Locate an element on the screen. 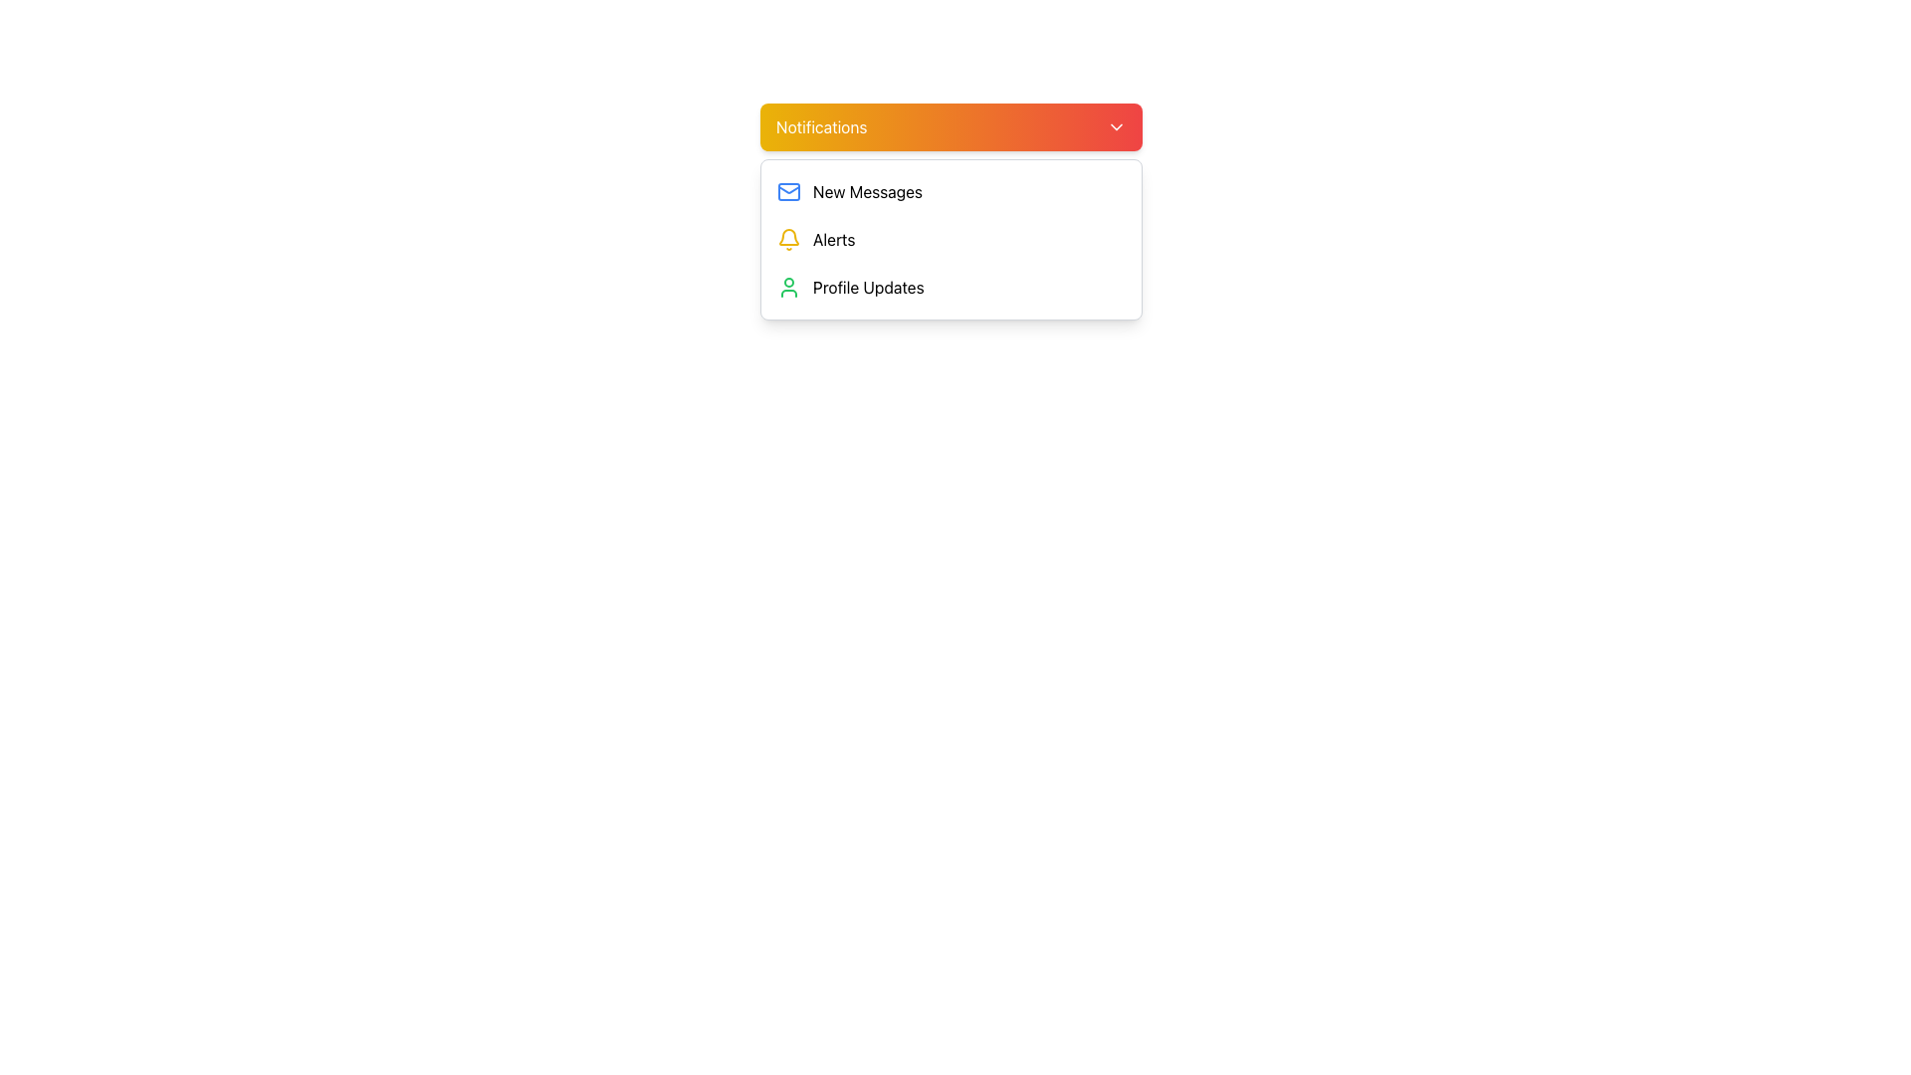 The width and height of the screenshot is (1911, 1075). the second menu item in the dropdown menu is located at coordinates (950, 238).